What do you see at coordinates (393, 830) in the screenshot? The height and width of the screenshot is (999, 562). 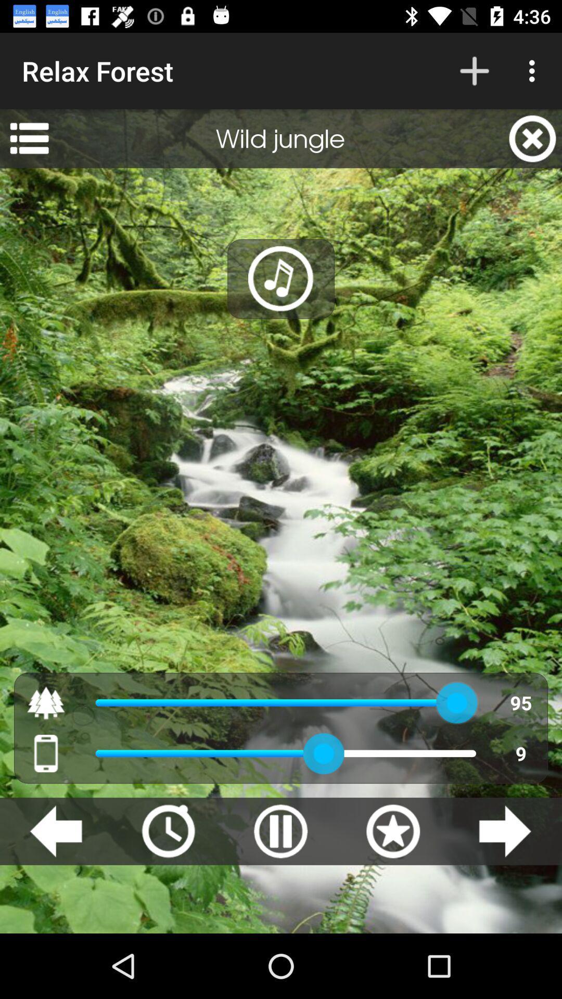 I see `the star icon` at bounding box center [393, 830].